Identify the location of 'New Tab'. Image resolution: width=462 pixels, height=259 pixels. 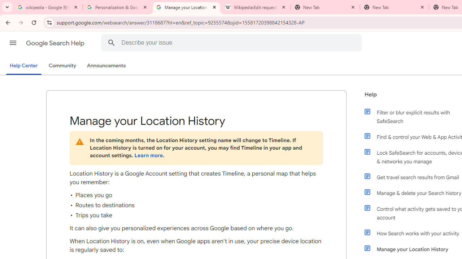
(394, 7).